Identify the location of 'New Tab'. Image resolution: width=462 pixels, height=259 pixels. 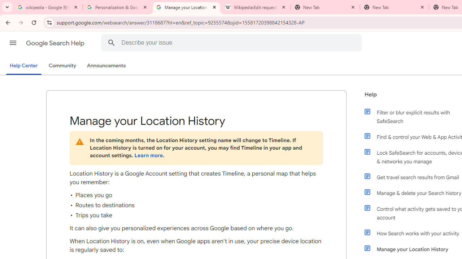
(394, 7).